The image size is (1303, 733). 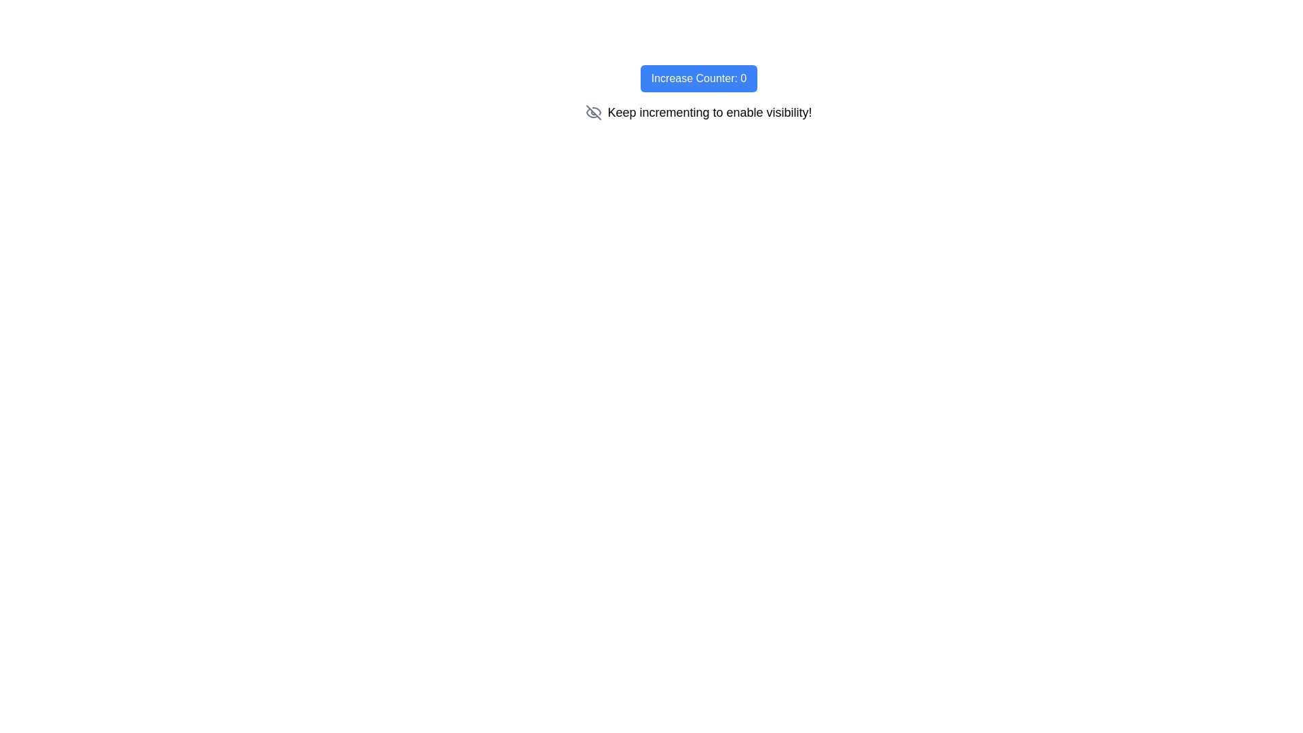 What do you see at coordinates (699, 78) in the screenshot?
I see `the increment button located at the upper-middle part of the interface to observe the hover effects` at bounding box center [699, 78].